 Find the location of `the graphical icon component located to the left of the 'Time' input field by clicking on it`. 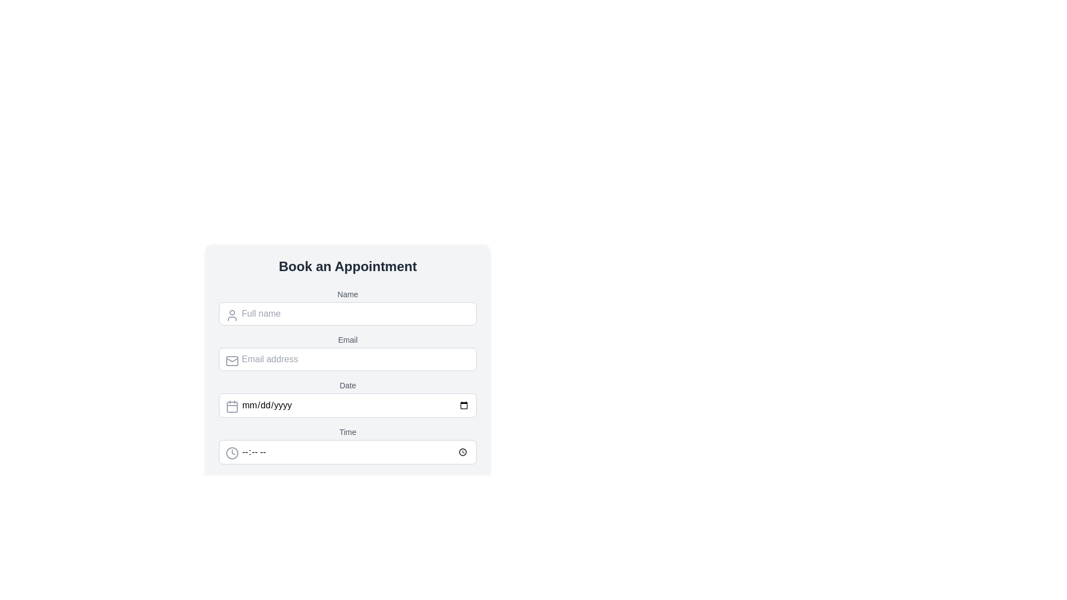

the graphical icon component located to the left of the 'Time' input field by clicking on it is located at coordinates (231, 453).